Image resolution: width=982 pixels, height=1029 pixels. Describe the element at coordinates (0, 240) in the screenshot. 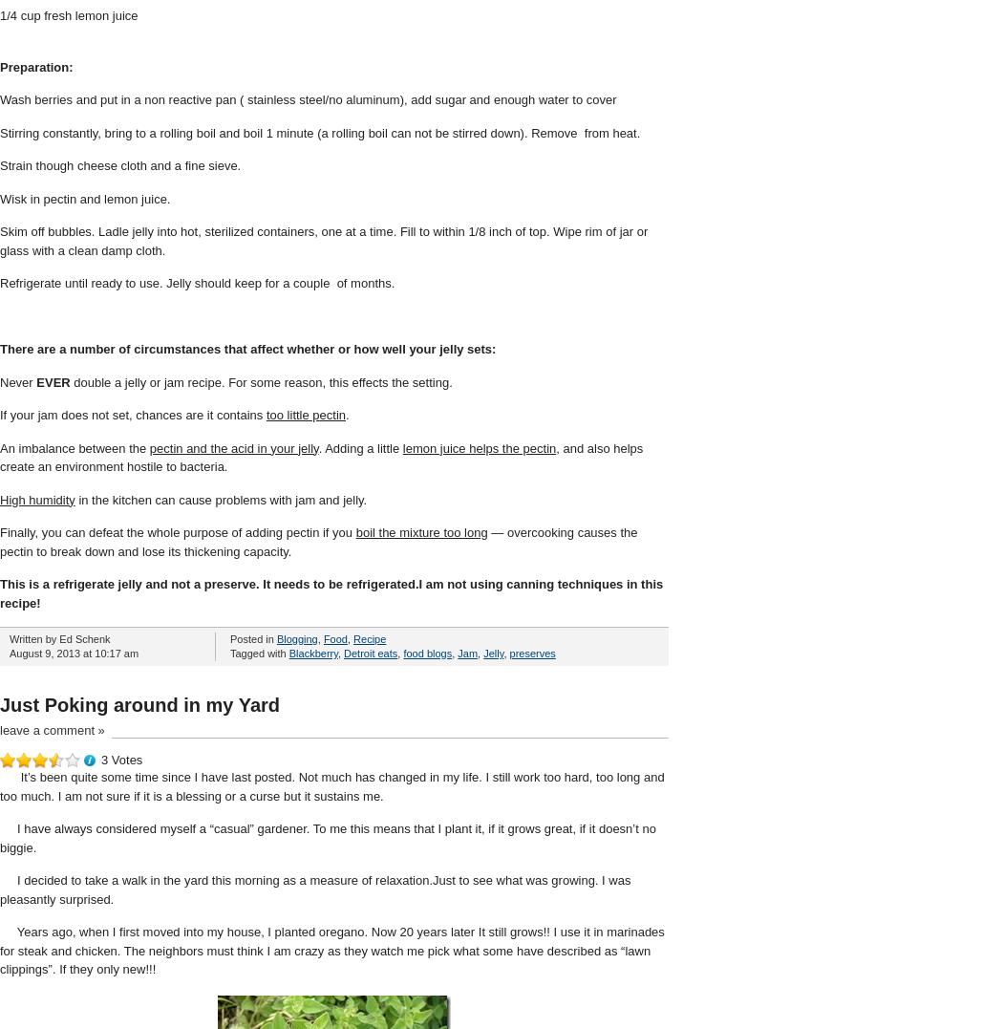

I see `'Skim off bubbles. Ladle jelly into hot, sterilized containers, one at a time. Fill to within 1/8 inch of top. Wipe rim of jar or glass with a clean damp cloth.'` at that location.